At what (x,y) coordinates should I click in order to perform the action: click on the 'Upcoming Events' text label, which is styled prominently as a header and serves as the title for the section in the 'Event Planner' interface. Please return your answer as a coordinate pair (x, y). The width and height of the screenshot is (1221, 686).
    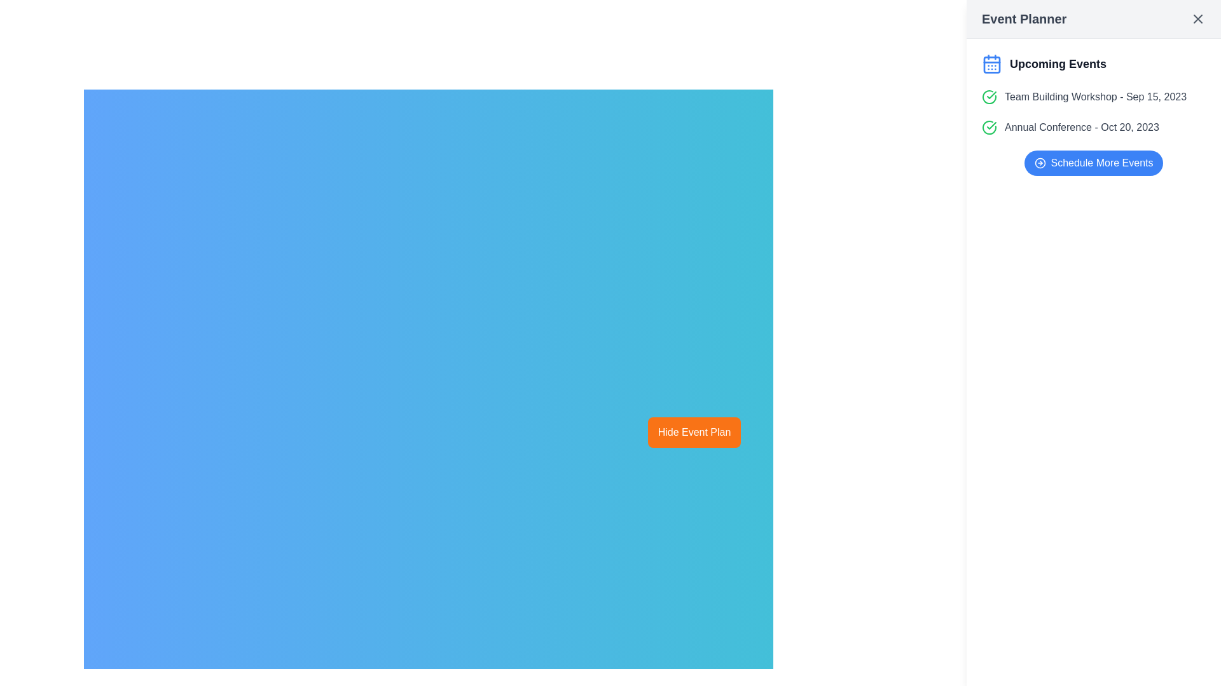
    Looking at the image, I should click on (1093, 64).